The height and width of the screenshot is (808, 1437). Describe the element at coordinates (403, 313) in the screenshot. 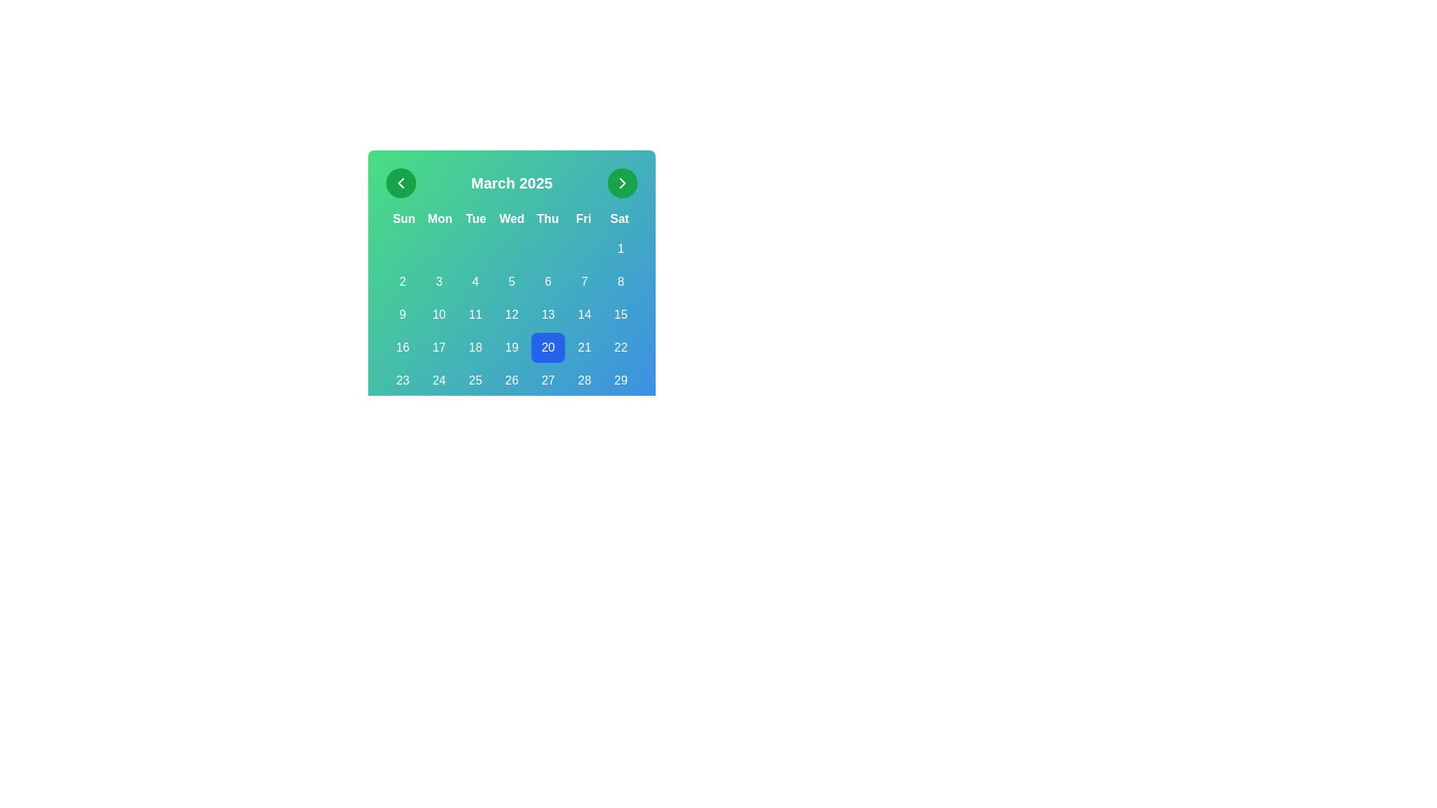

I see `the button representing the 9th day of the month in the calendar grid` at that location.